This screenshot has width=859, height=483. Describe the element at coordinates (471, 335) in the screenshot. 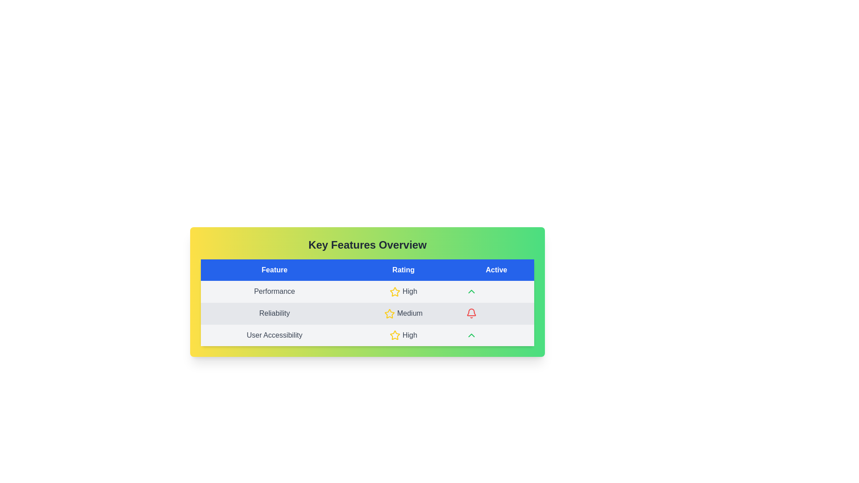

I see `the 'User Accessibility' indicator icon in the 'Active' column of the last row in the 'Key Features Overview' table` at that location.